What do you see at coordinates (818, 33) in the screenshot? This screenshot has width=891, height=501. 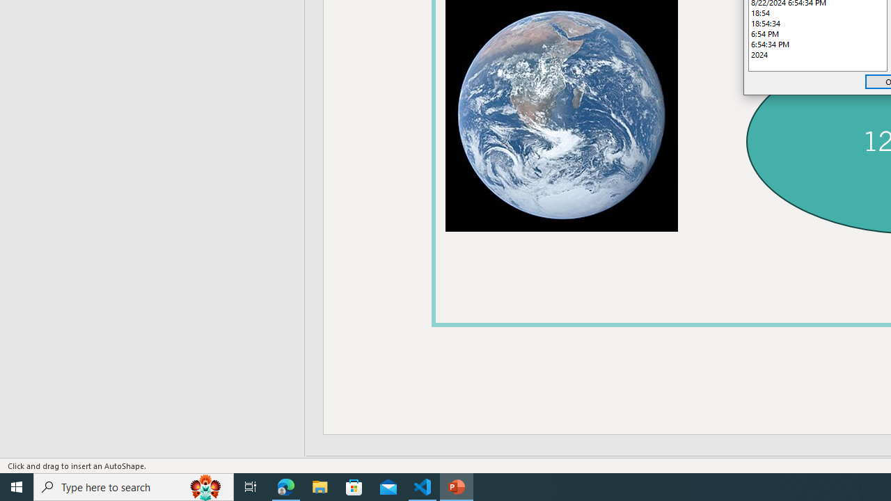 I see `'6:54 PM'` at bounding box center [818, 33].